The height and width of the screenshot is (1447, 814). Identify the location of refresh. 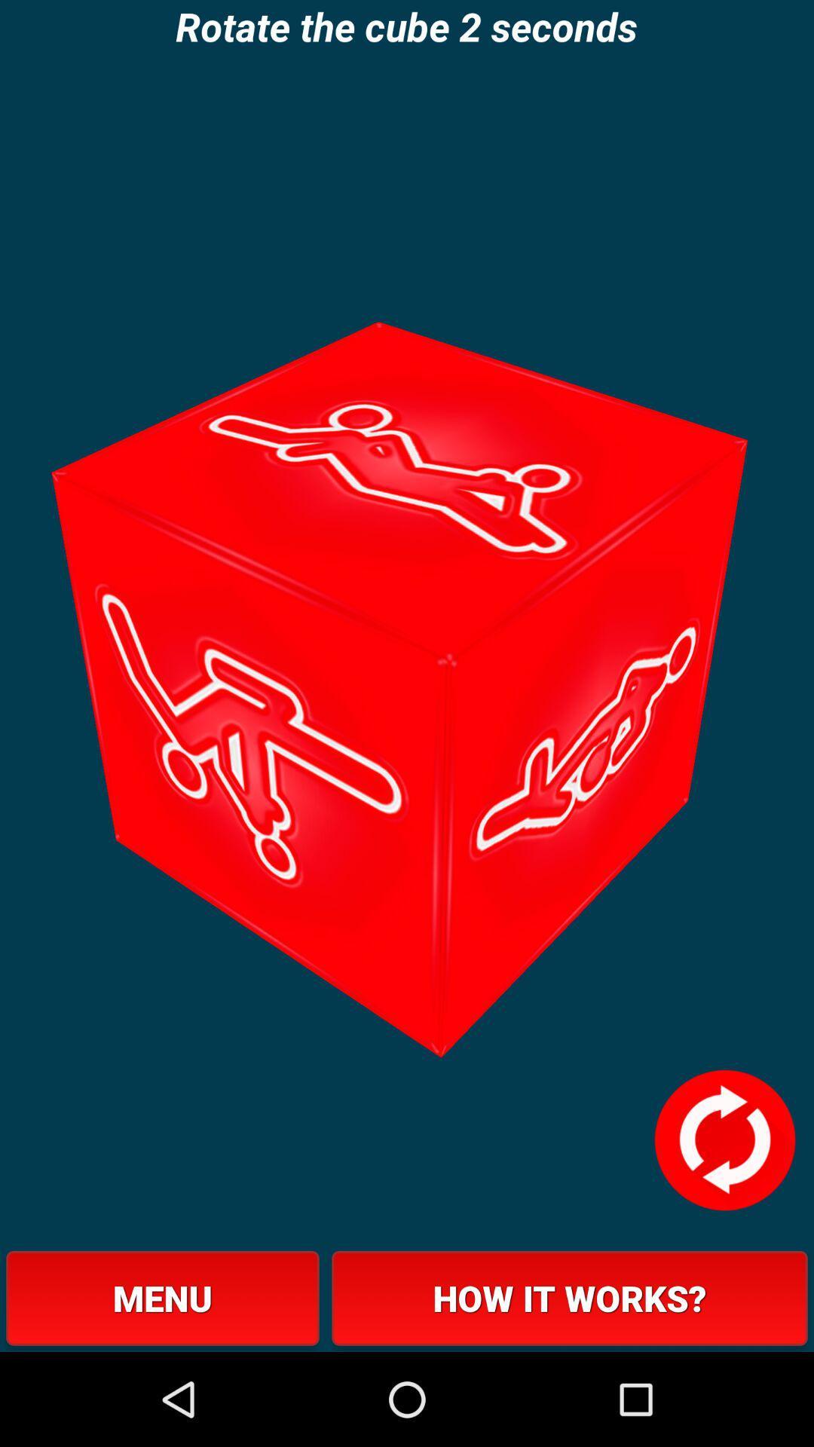
(724, 1140).